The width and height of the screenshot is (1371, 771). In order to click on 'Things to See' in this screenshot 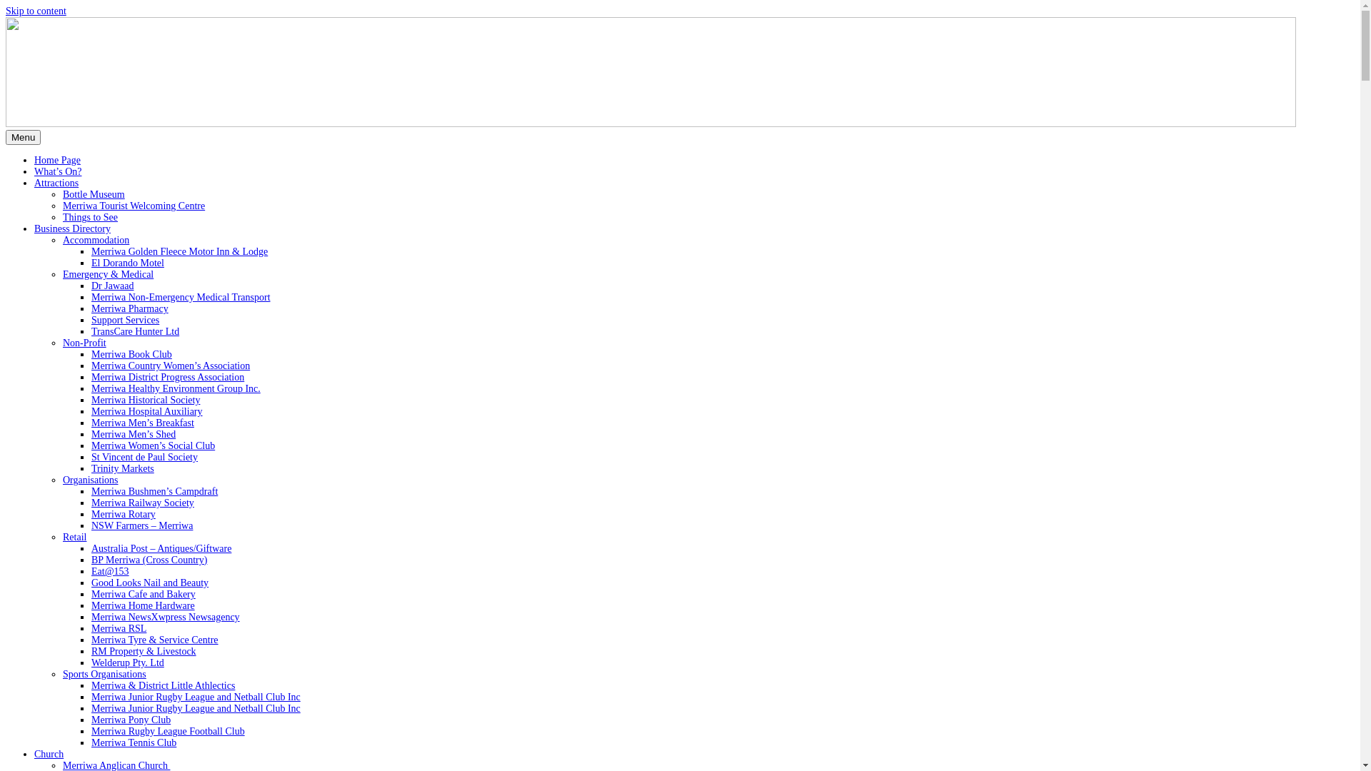, I will do `click(61, 217)`.